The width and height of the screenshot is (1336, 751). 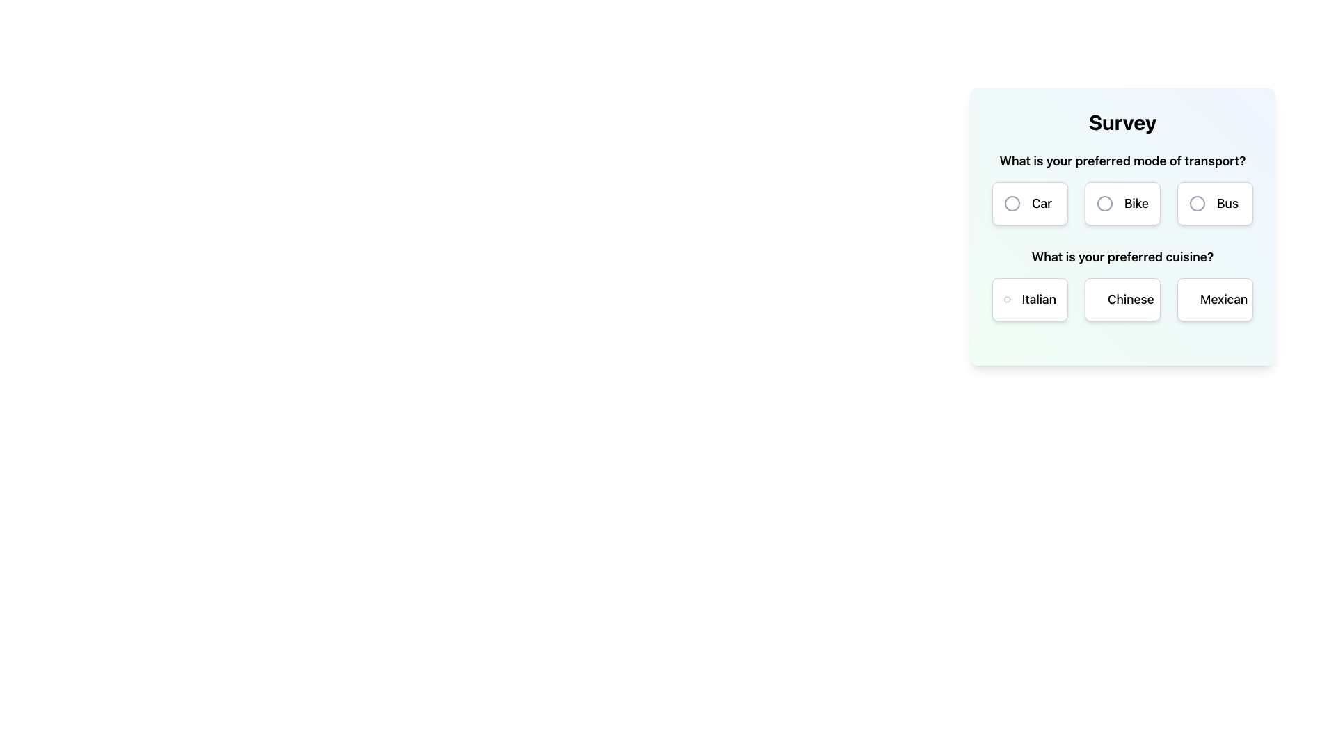 What do you see at coordinates (1104, 204) in the screenshot?
I see `the radio button indicator for the 'Bike' option` at bounding box center [1104, 204].